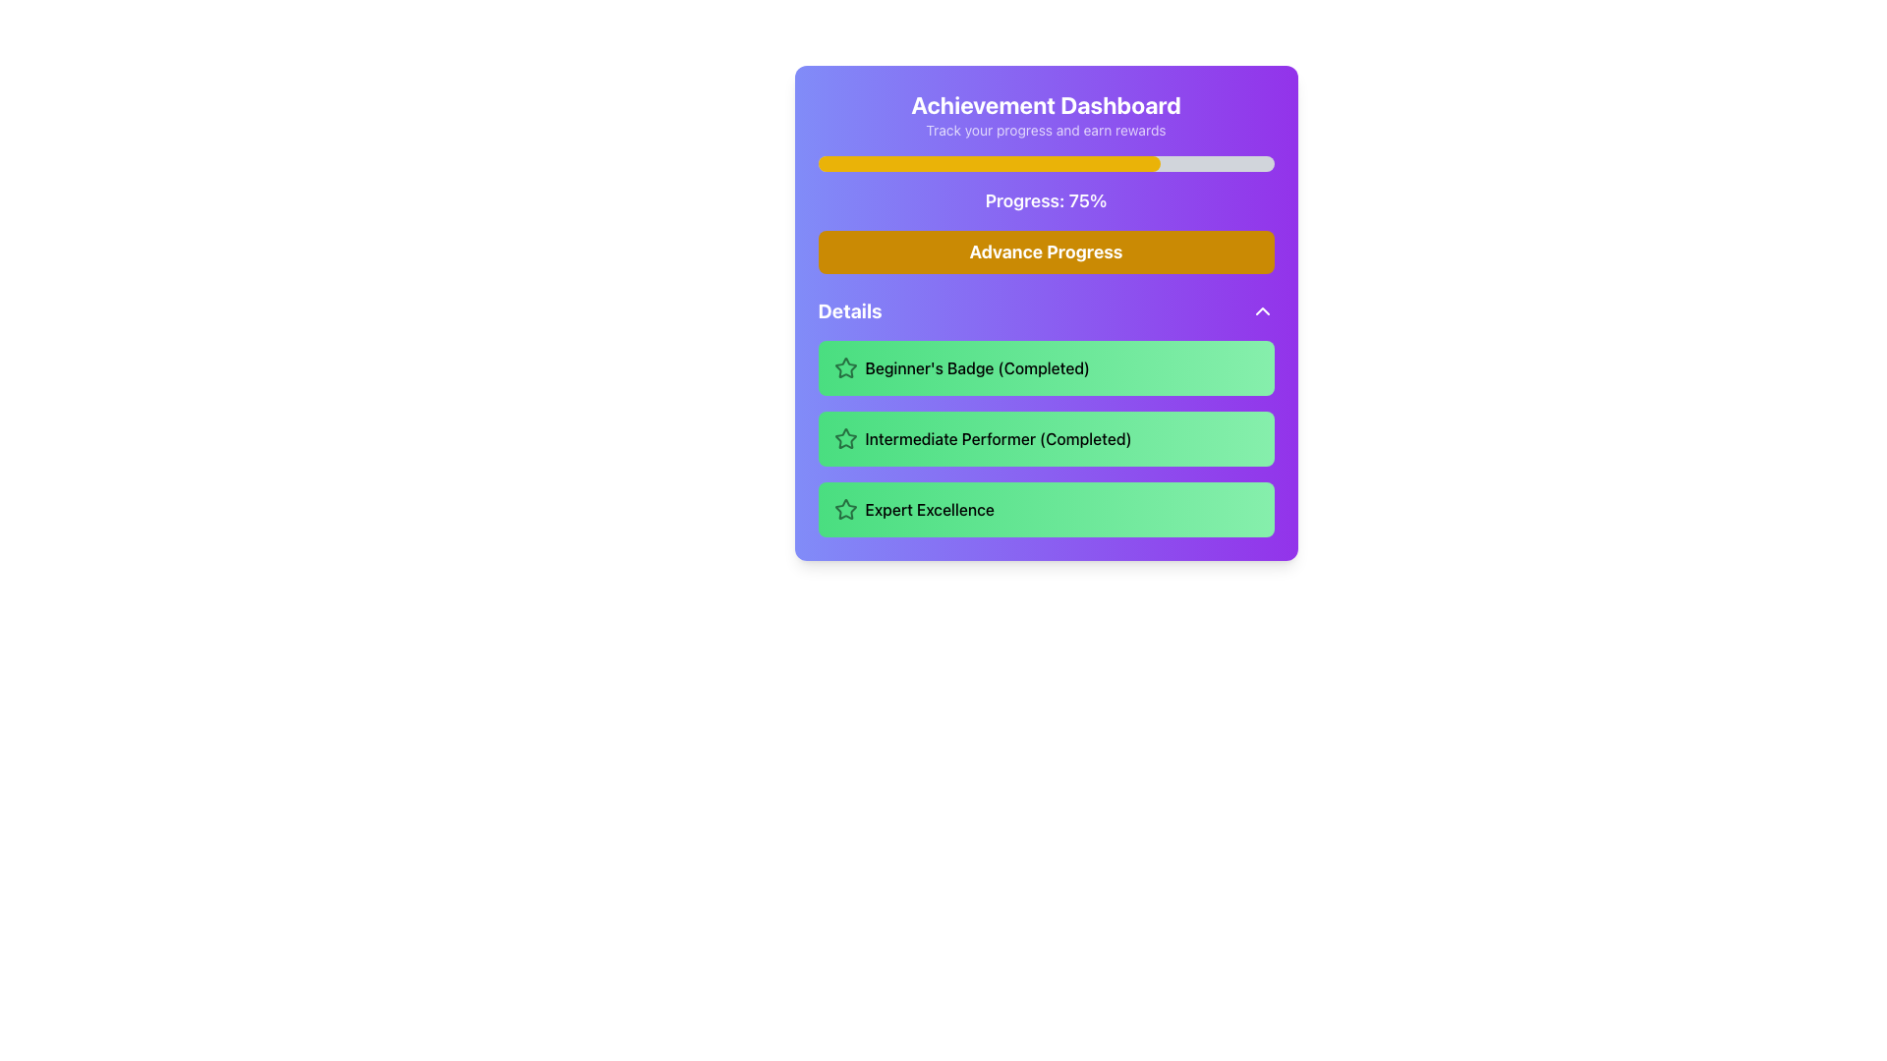  I want to click on text label that says 'Track your progress and earn rewards', located directly below the 'Achievement Dashboard' header, so click(1045, 130).